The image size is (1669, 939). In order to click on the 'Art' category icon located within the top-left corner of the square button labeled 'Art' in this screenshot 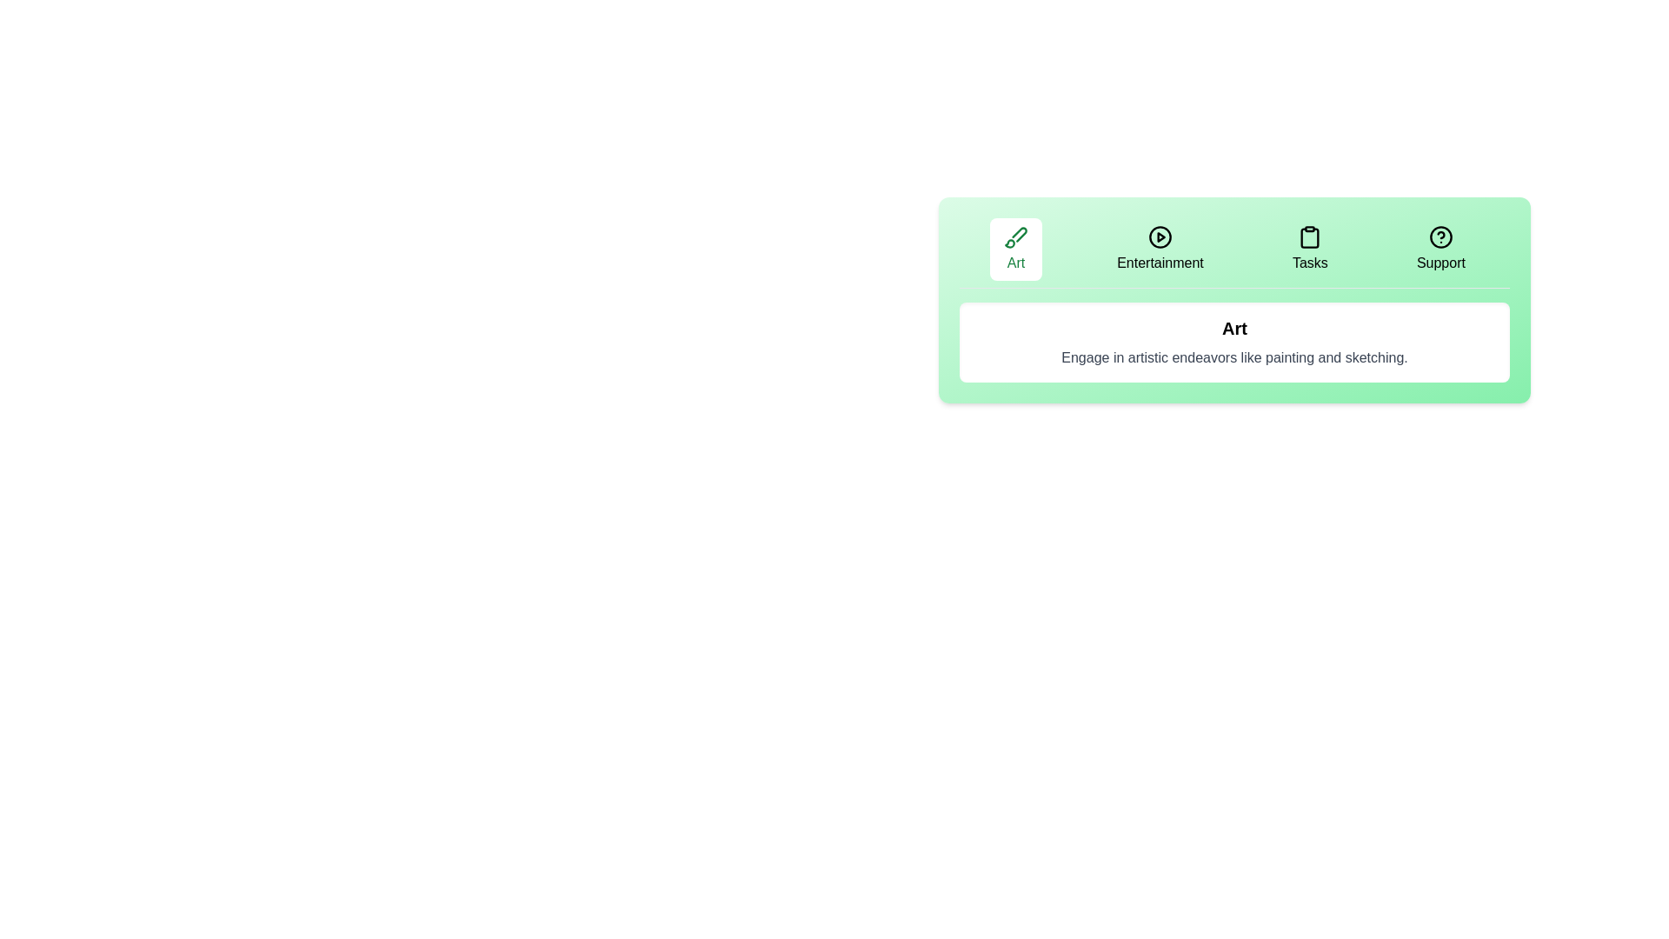, I will do `click(1016, 237)`.